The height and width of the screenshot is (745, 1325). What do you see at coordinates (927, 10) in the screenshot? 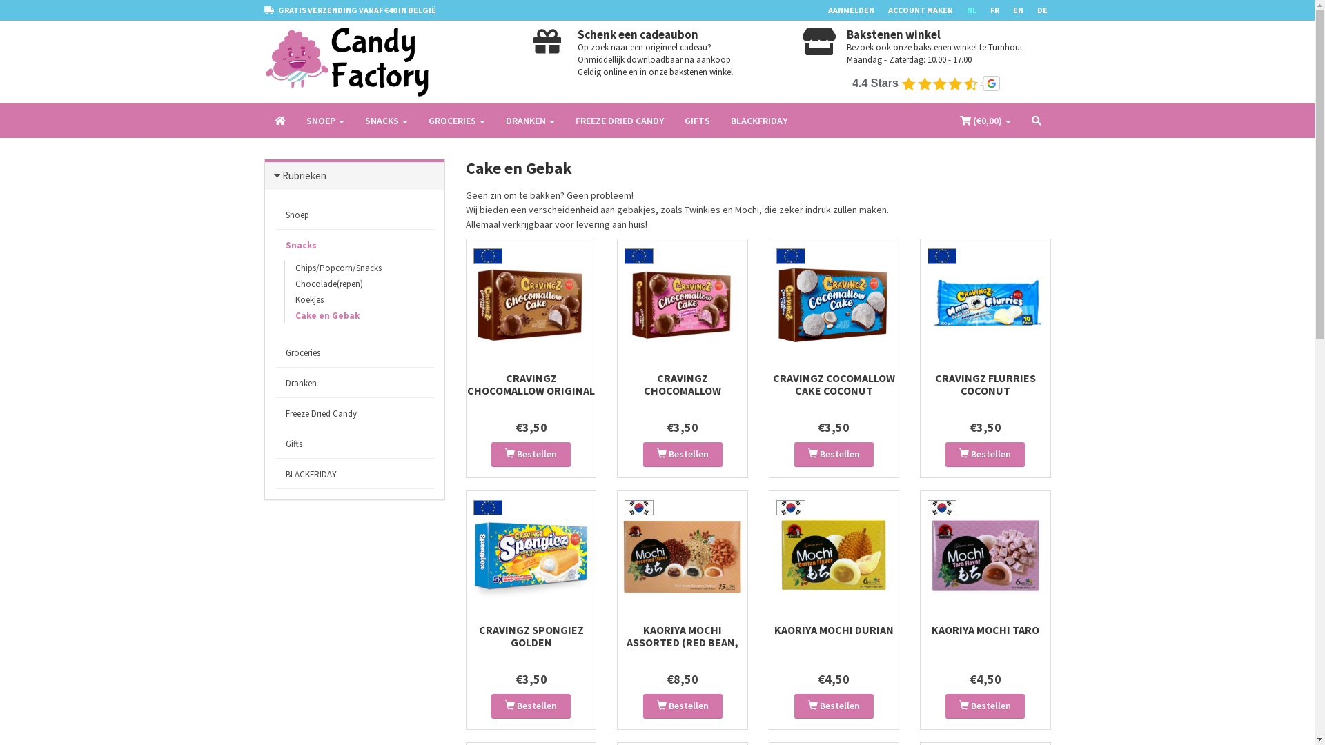
I see `'ACCOUNT MAKEN'` at bounding box center [927, 10].